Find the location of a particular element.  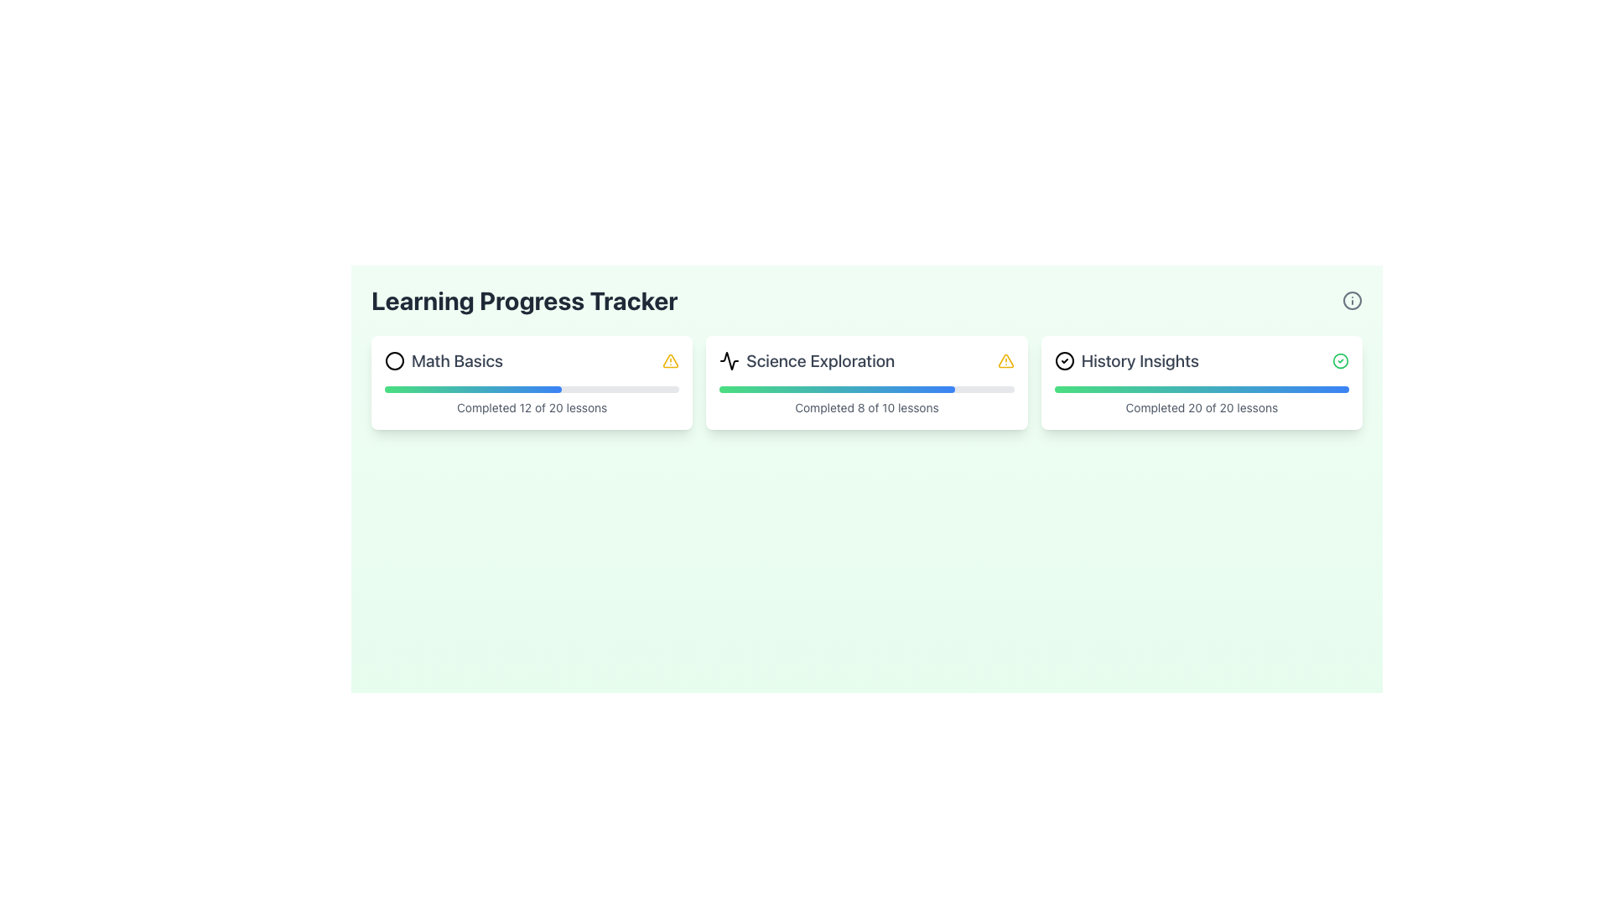

the 'History Insights' panel, which has a white background, rounded corners, and contains a progress bar and completion message is located at coordinates (1201, 382).